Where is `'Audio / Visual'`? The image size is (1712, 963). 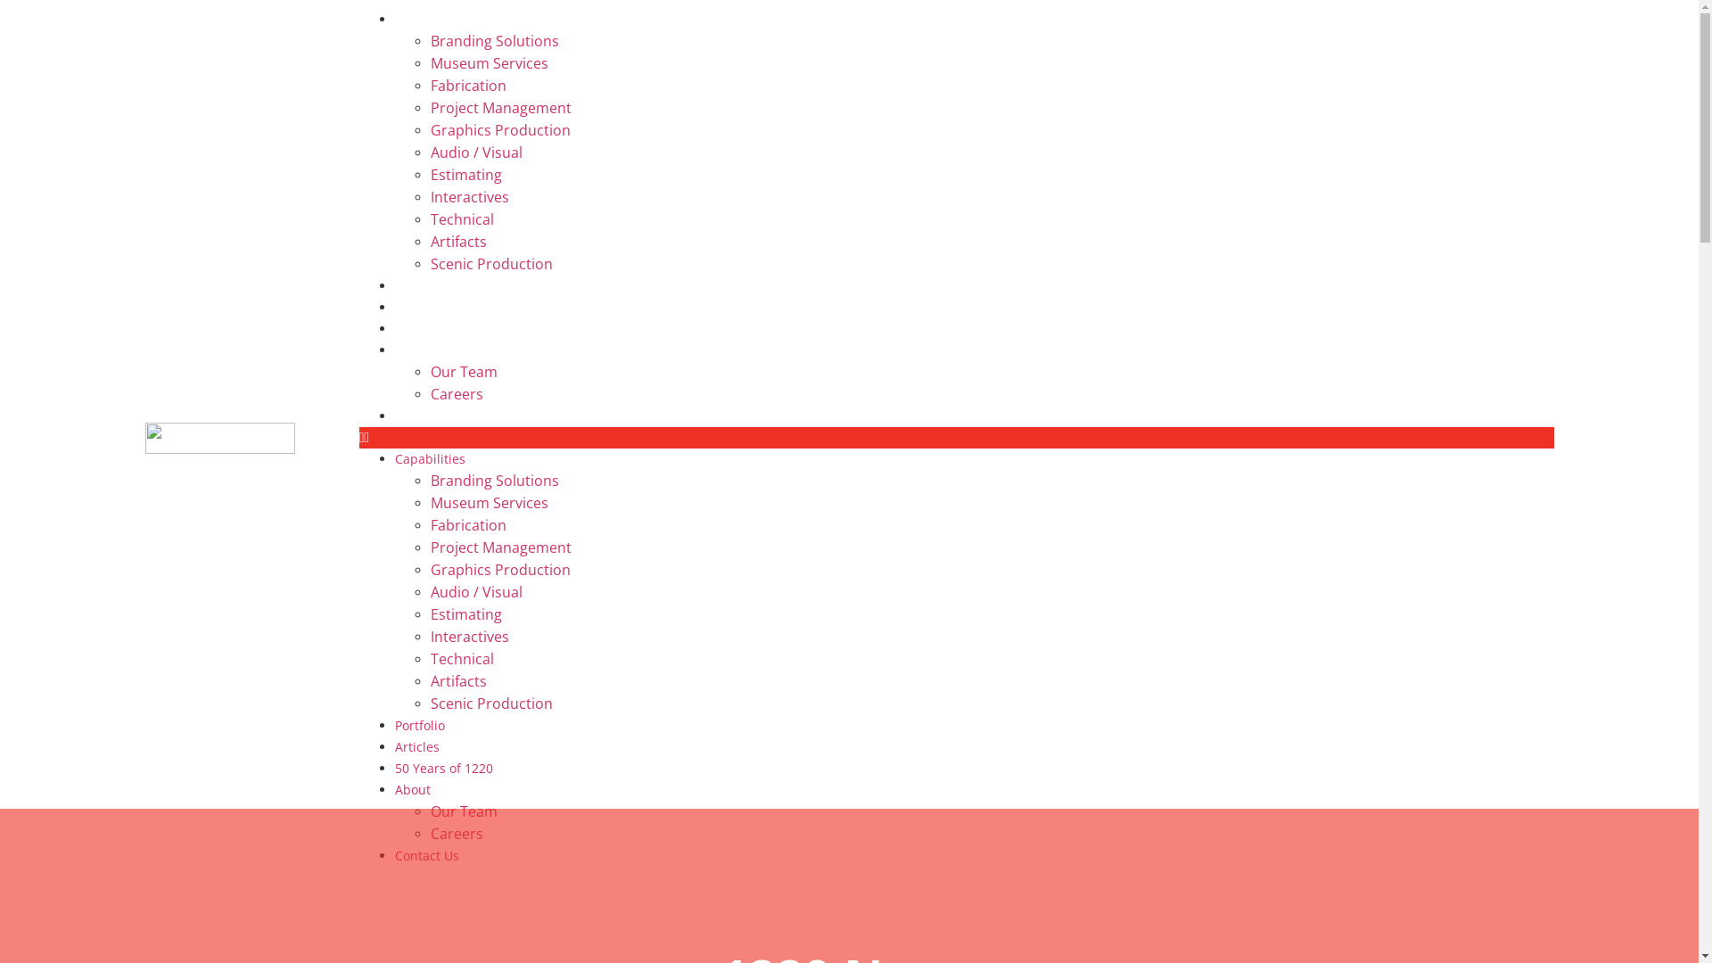 'Audio / Visual' is located at coordinates (475, 151).